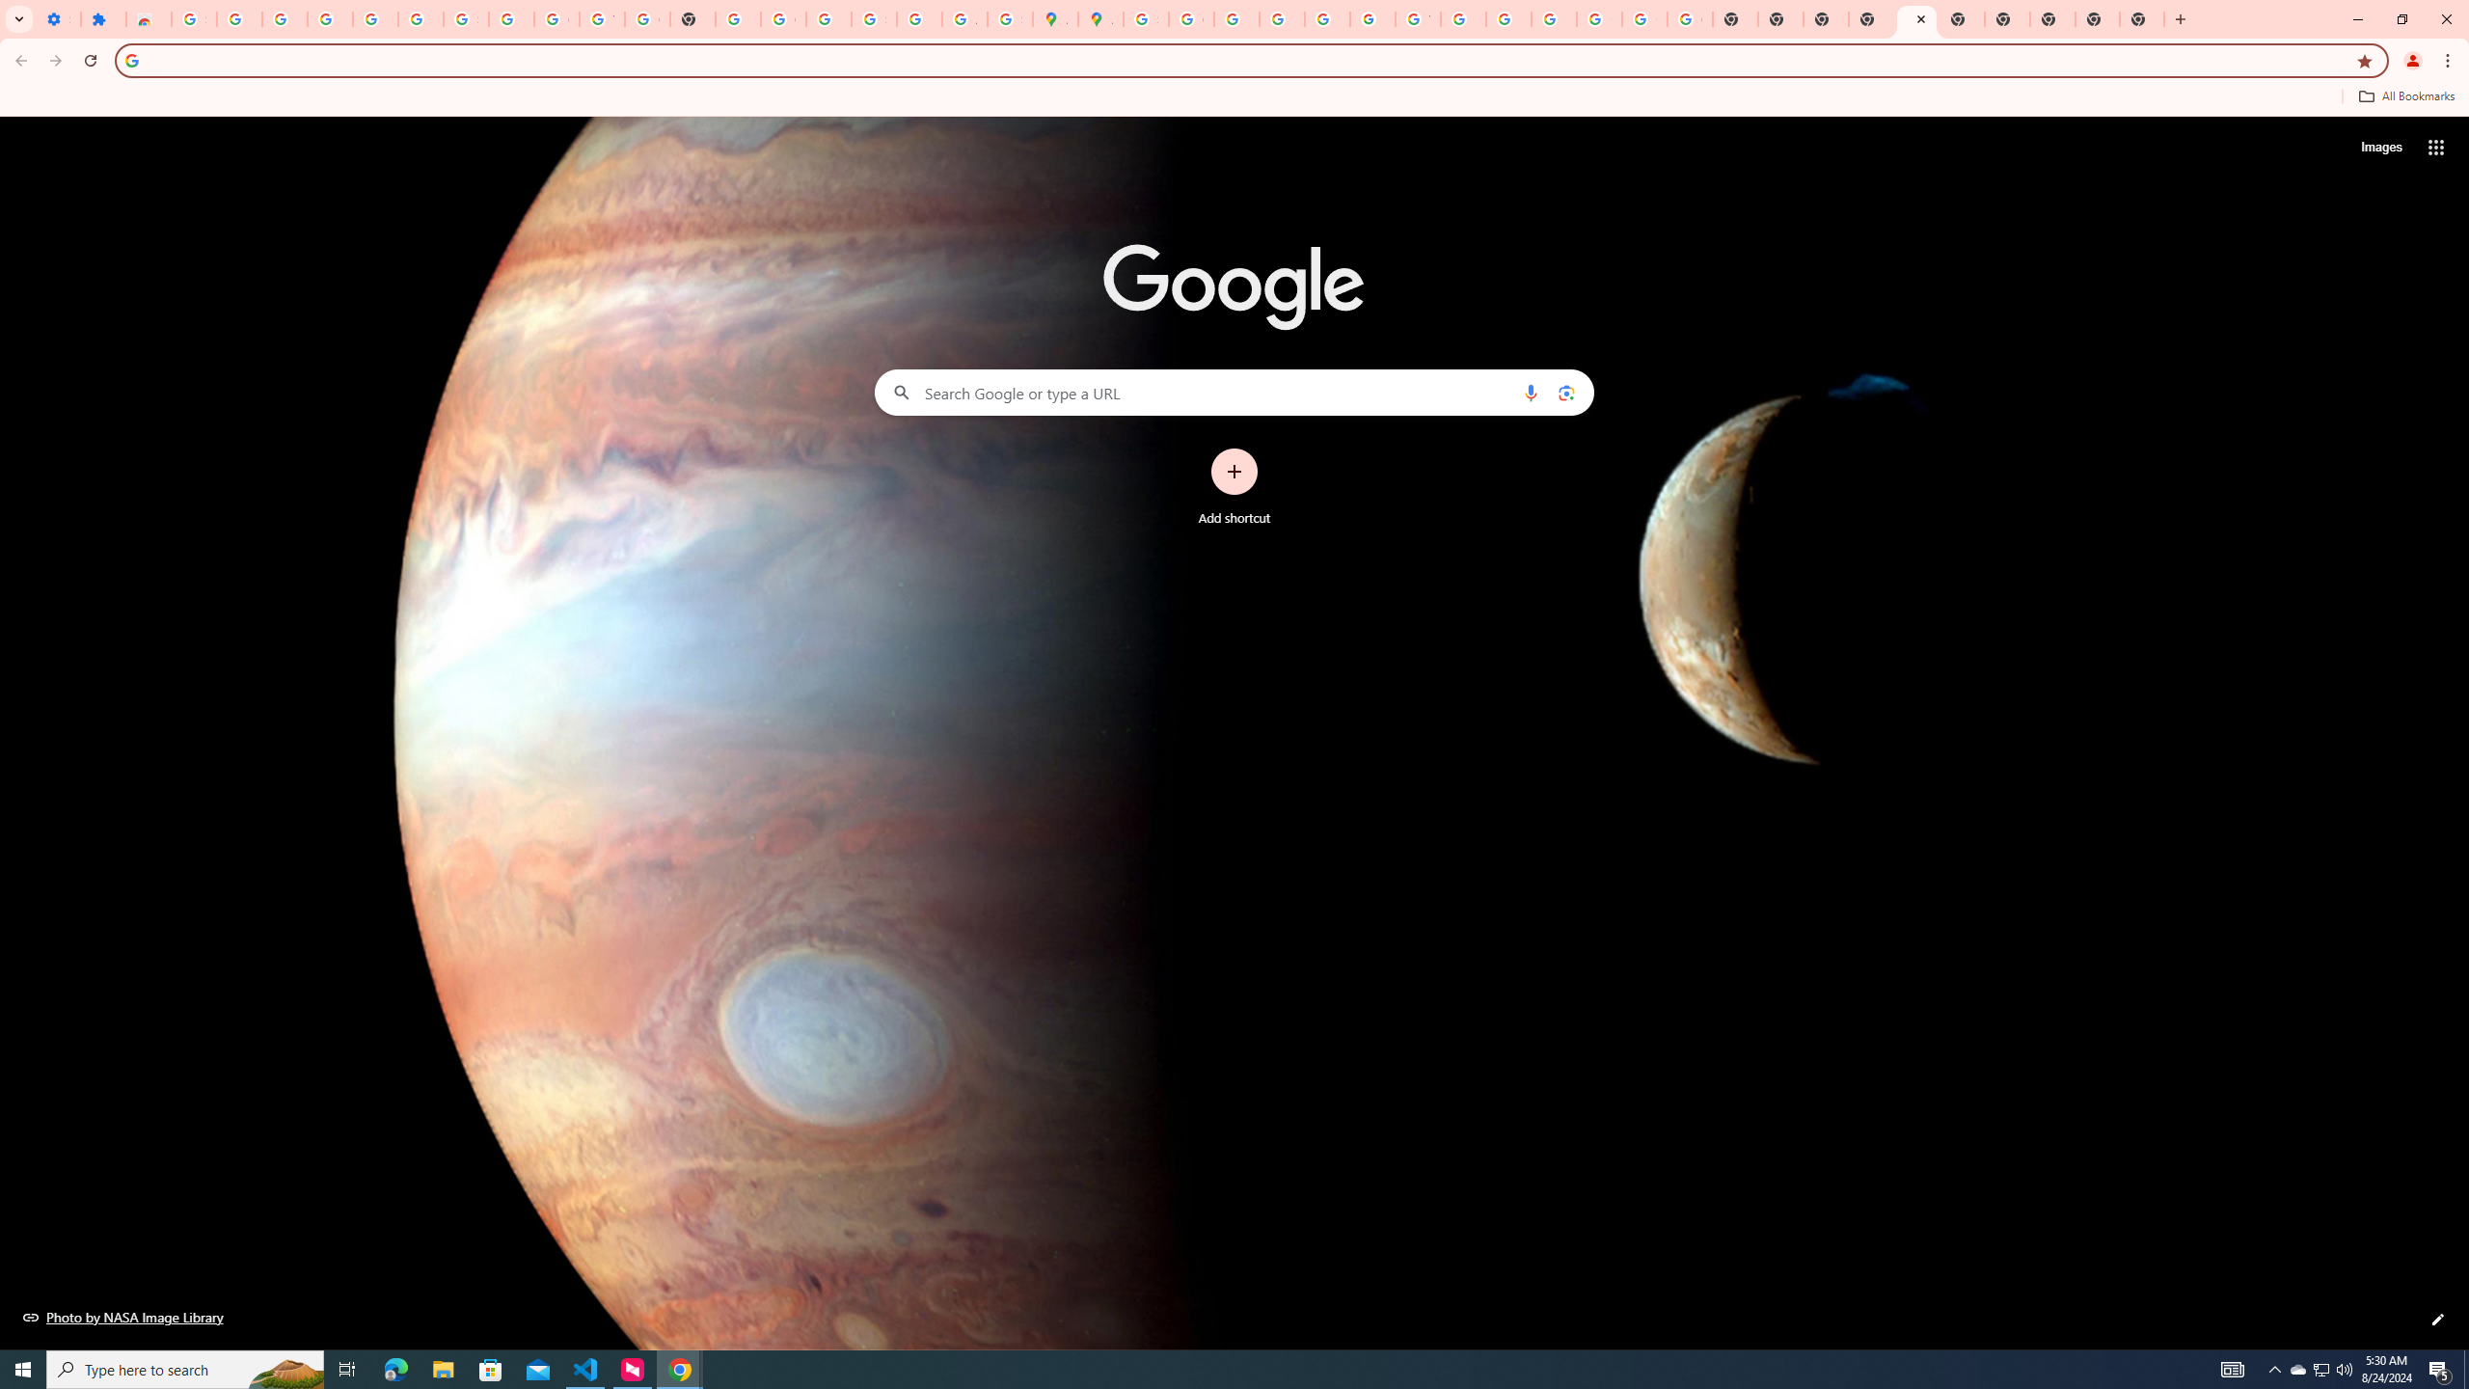  Describe the element at coordinates (2051, 18) in the screenshot. I see `'New Tab'` at that location.